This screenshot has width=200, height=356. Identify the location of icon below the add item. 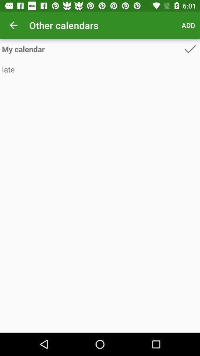
(190, 49).